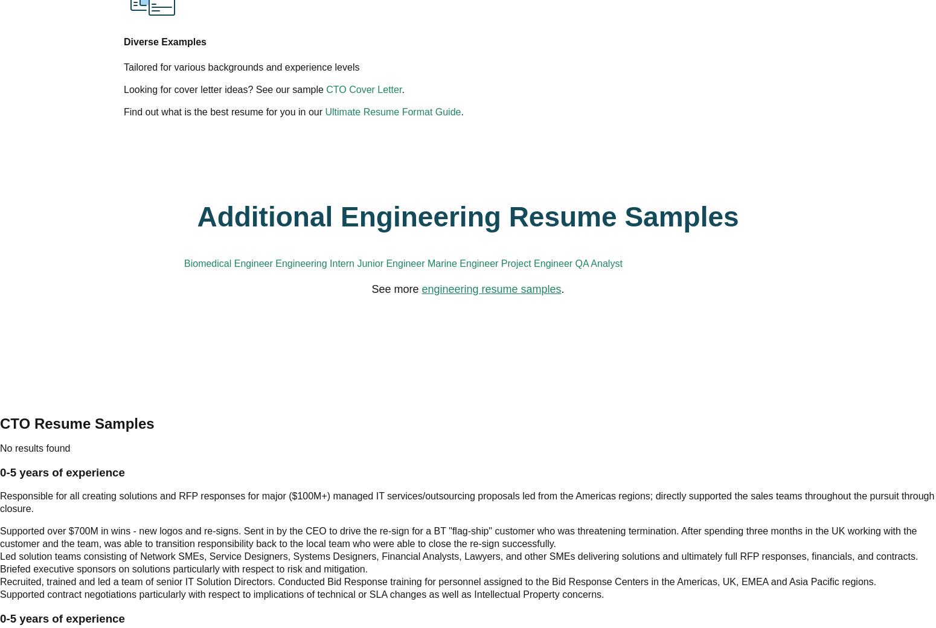  Describe the element at coordinates (641, 179) in the screenshot. I see `'Marine Engineer'` at that location.